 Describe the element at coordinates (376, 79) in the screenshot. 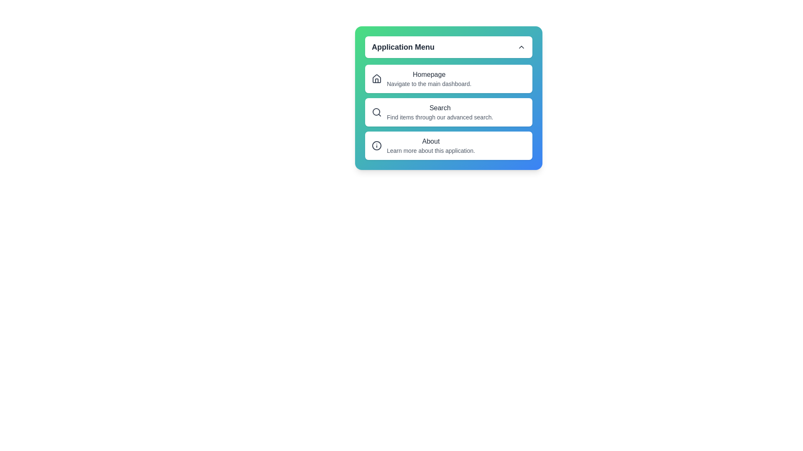

I see `the icon corresponding to Homepage in the menu` at that location.